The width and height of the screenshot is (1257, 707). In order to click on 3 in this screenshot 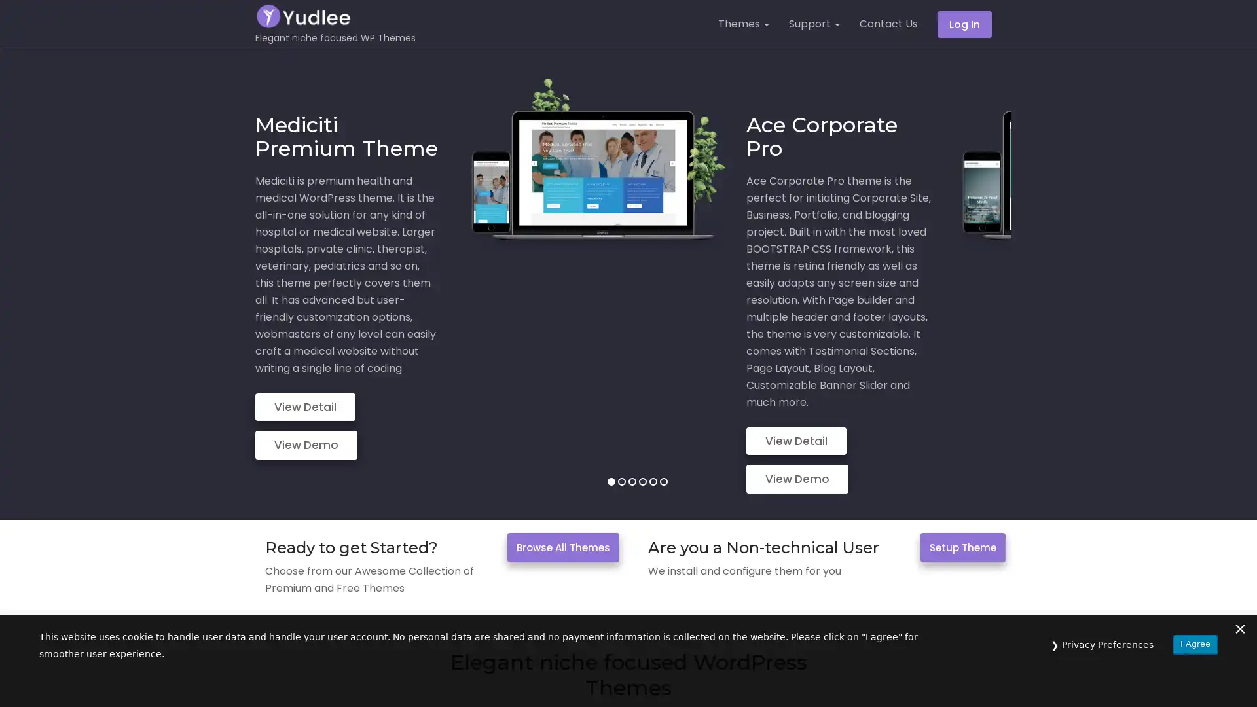, I will do `click(631, 390)`.